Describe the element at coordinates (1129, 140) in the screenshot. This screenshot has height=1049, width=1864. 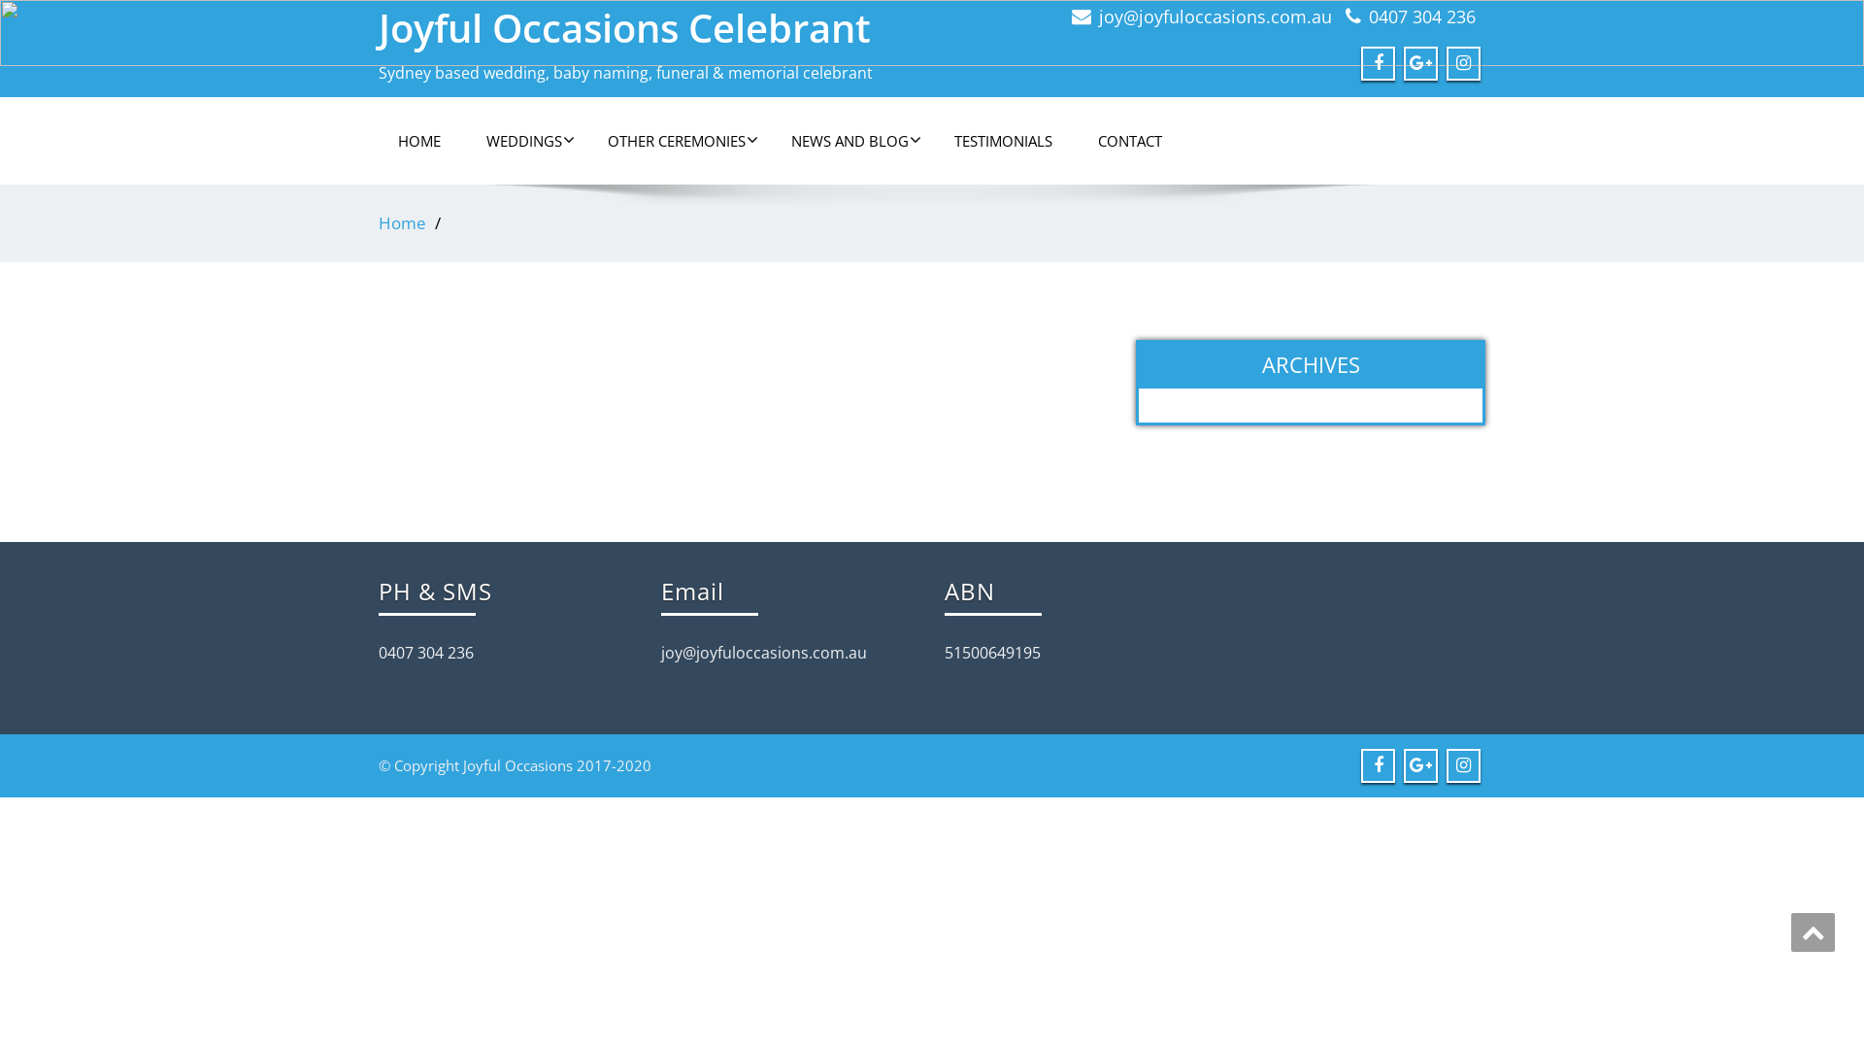
I see `'CONTACT'` at that location.